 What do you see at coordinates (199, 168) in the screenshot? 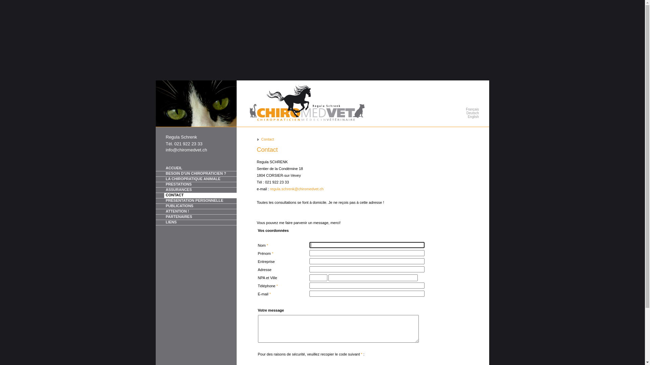
I see `'ACCUEIL'` at bounding box center [199, 168].